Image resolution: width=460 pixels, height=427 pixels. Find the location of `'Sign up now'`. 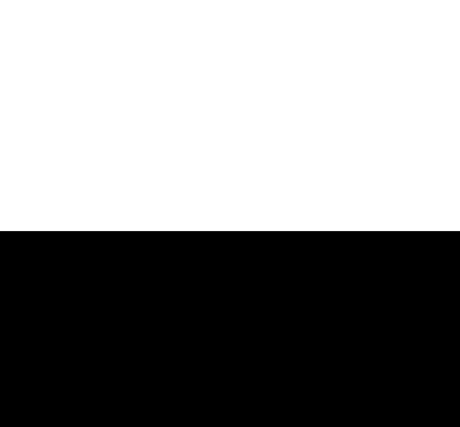

'Sign up now' is located at coordinates (120, 182).